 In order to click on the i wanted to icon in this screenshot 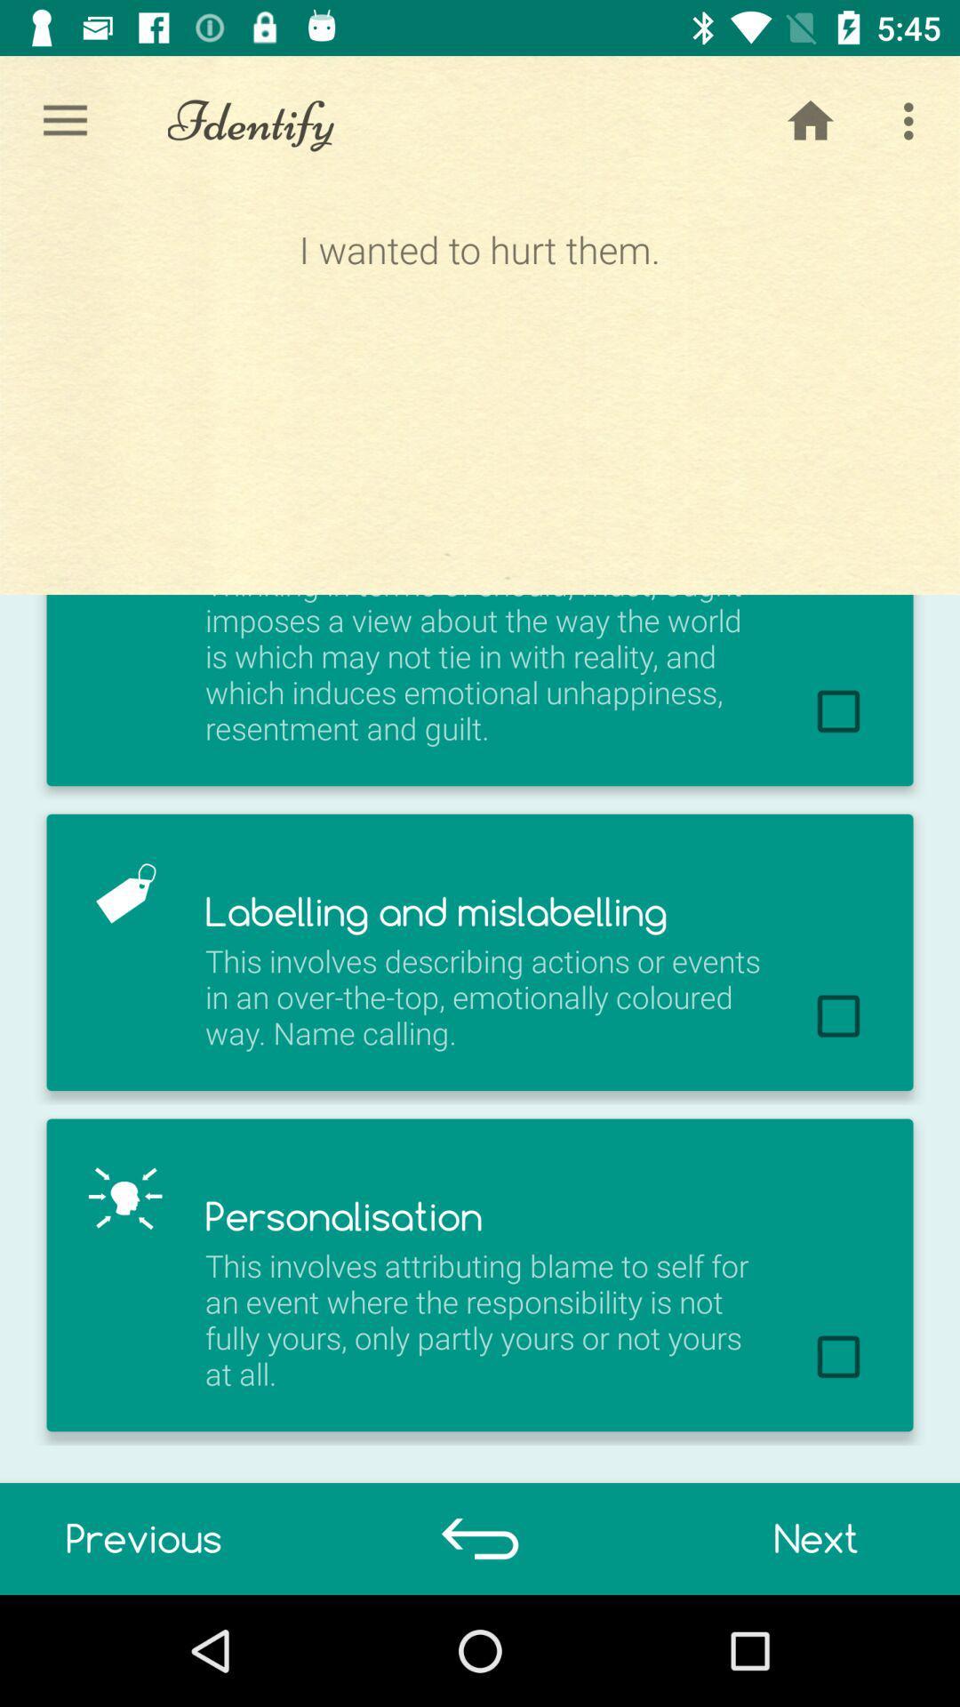, I will do `click(478, 389)`.